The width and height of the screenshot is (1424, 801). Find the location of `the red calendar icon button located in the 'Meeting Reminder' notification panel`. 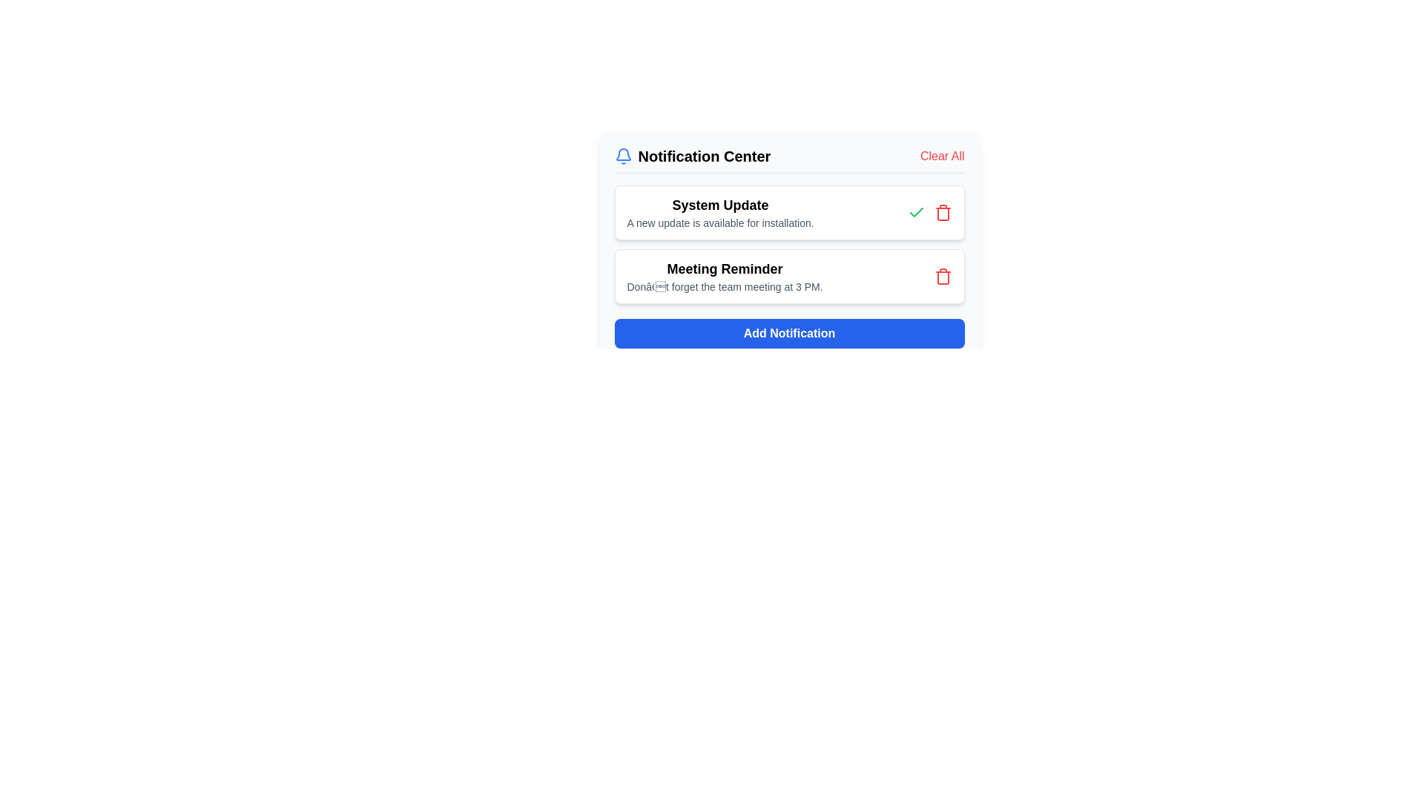

the red calendar icon button located in the 'Meeting Reminder' notification panel is located at coordinates (942, 277).